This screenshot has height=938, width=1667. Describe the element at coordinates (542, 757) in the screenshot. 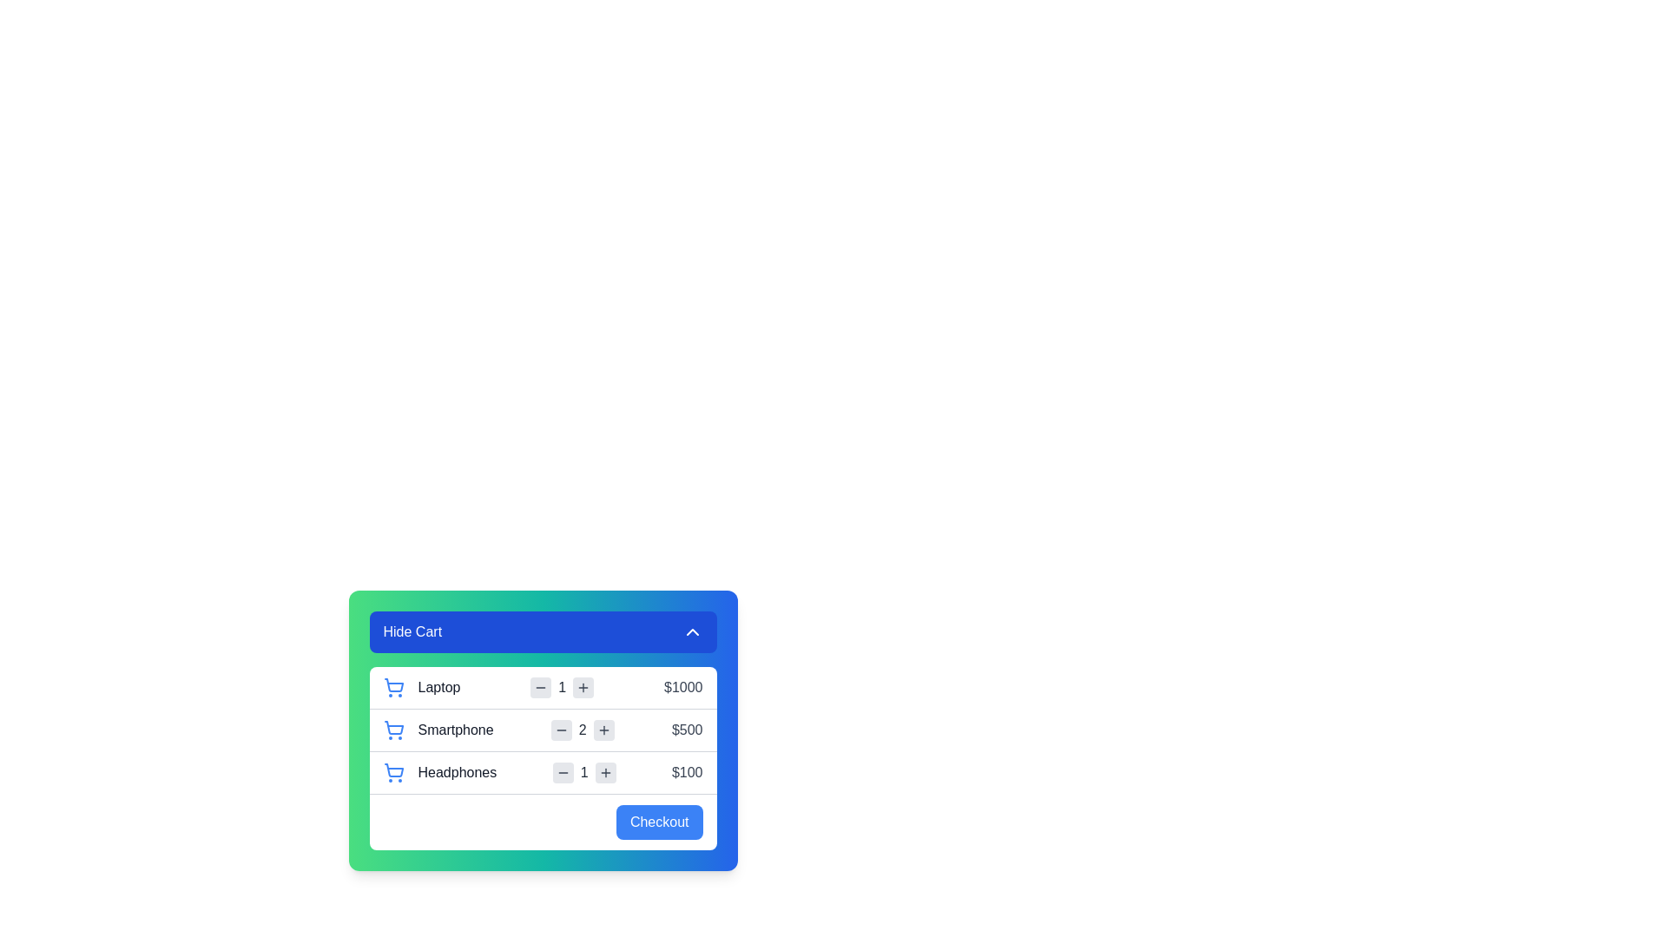

I see `the plus or minus buttons to adjust the quantity of the product listed in the shopping cart, which is the third row in the product details section of the modal layout` at that location.